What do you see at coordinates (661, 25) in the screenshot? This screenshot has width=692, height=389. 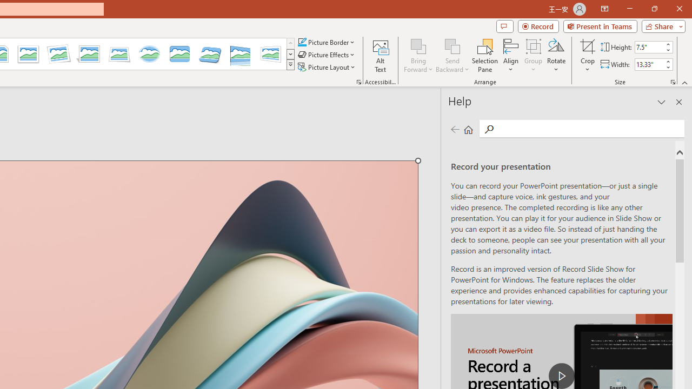 I see `'Share'` at bounding box center [661, 25].